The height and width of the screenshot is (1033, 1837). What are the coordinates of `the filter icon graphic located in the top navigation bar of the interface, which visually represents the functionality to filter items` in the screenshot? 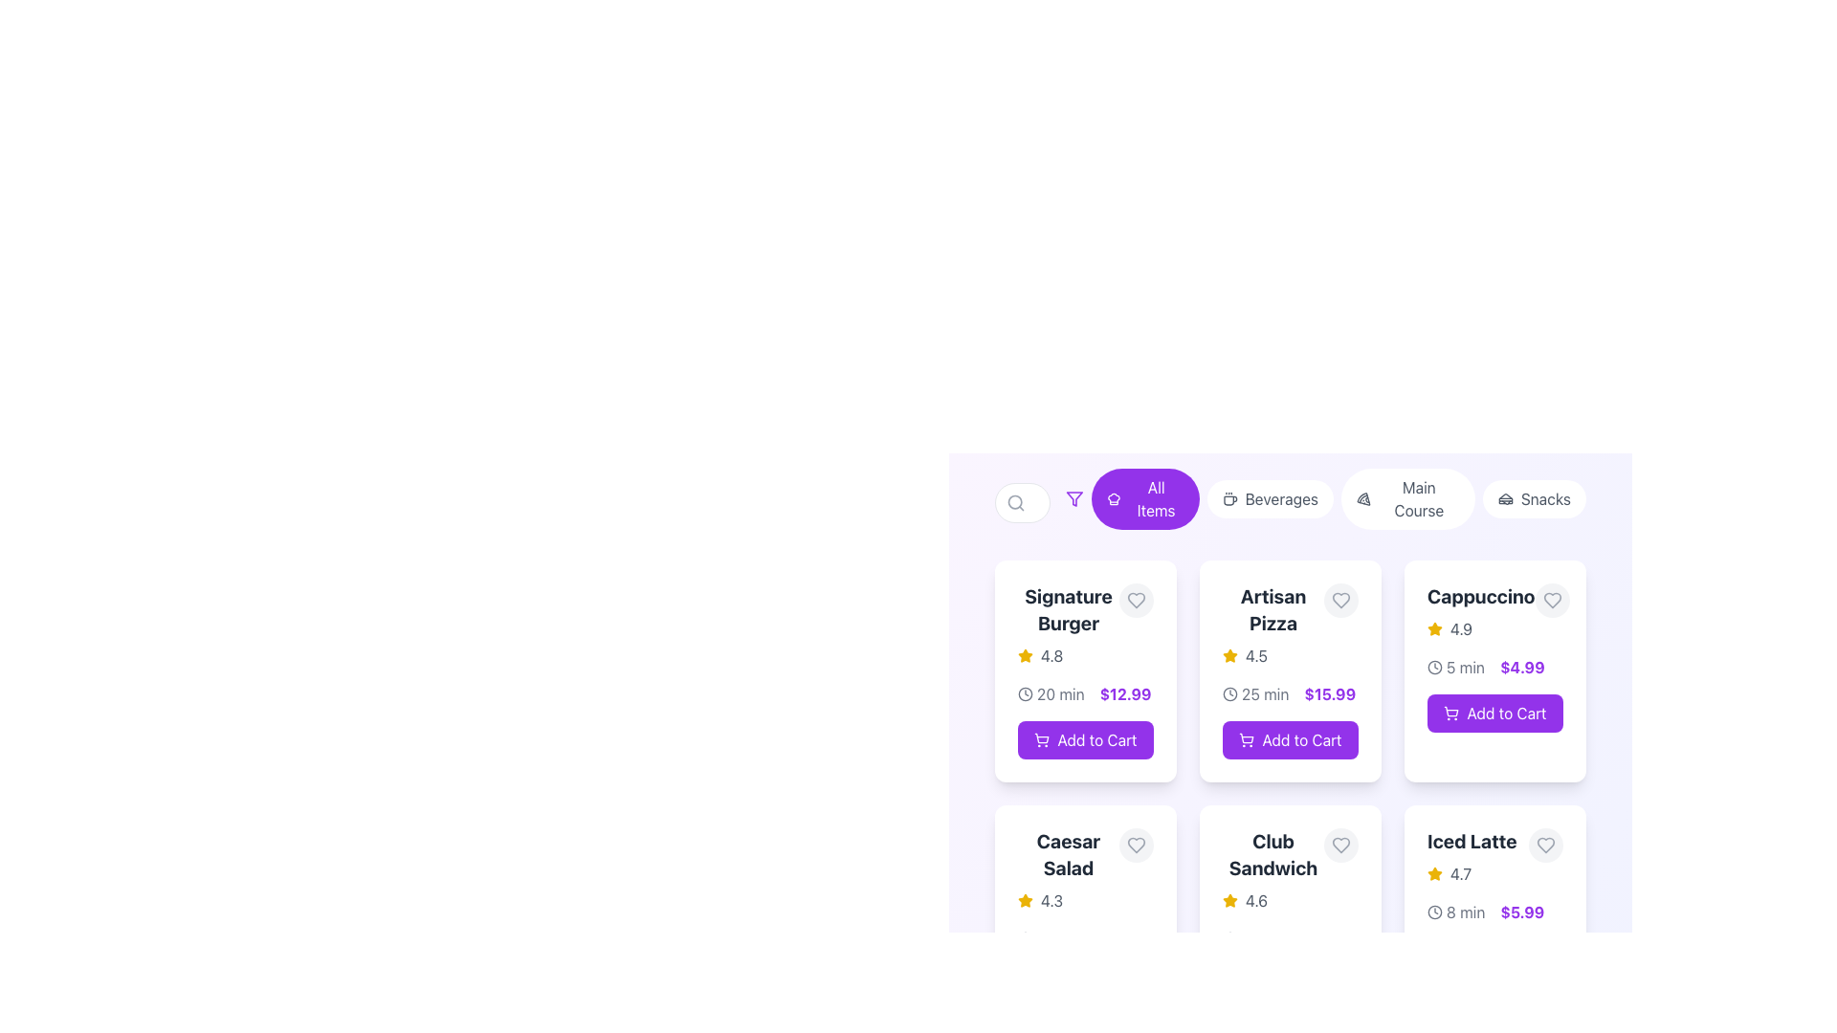 It's located at (1074, 497).